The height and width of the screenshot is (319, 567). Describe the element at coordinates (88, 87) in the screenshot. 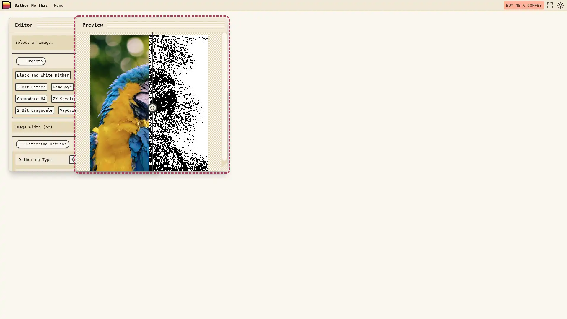

I see `Teletext` at that location.